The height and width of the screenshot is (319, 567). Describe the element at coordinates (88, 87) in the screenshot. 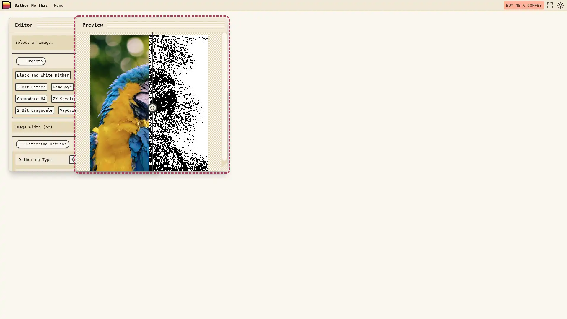

I see `Teletext` at that location.